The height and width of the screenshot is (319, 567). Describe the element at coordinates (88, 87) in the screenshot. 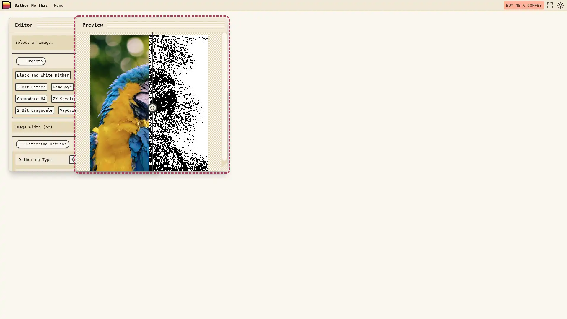

I see `Teletext` at that location.